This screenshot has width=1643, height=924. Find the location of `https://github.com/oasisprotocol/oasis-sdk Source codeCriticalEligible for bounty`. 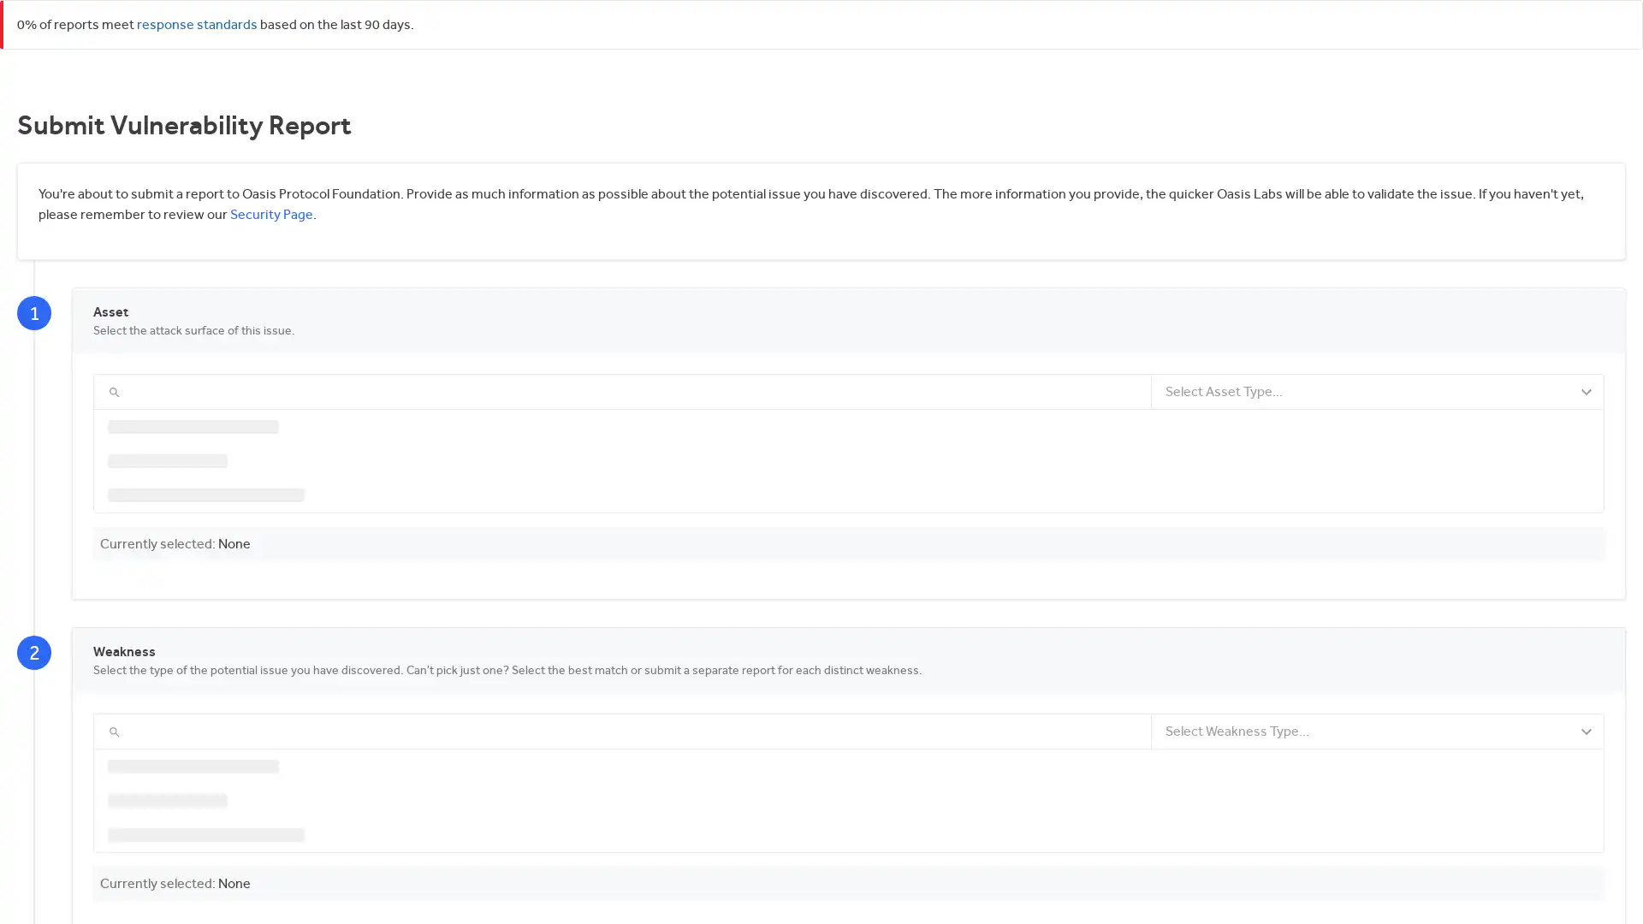

https://github.com/oasisprotocol/oasis-sdk Source codeCriticalEligible for bounty is located at coordinates (849, 625).